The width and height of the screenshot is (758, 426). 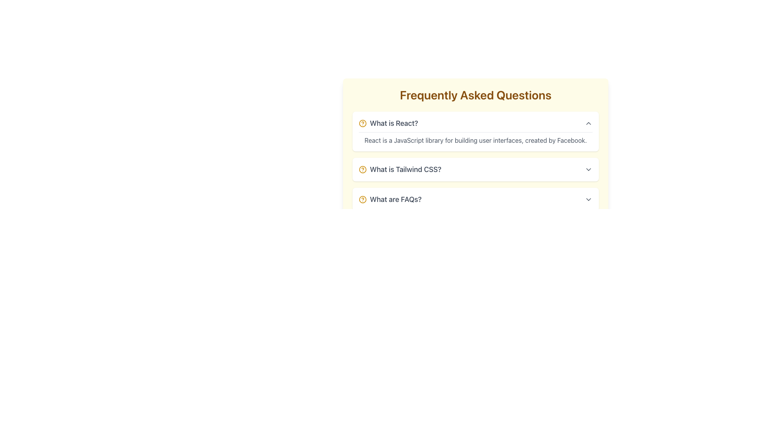 I want to click on the heading 'Frequently Asked Questions', which is prominently styled in bold and large font, located at the top of its yellow box containing FAQ entries, so click(x=475, y=94).